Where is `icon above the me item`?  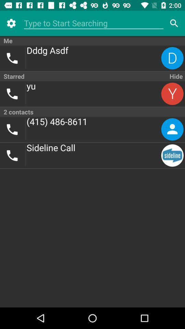
icon above the me item is located at coordinates (93, 23).